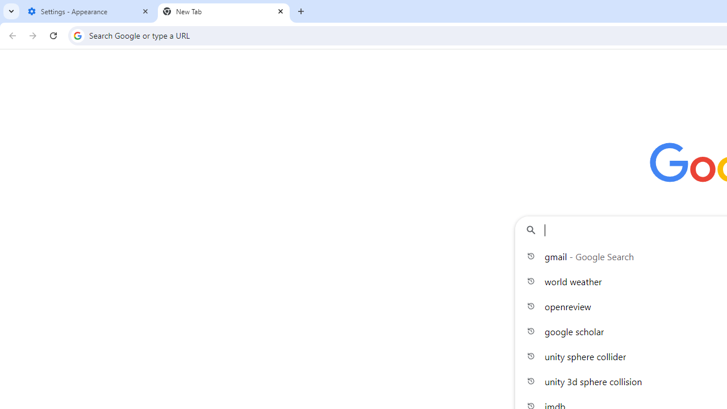 The width and height of the screenshot is (727, 409). I want to click on 'New Tab', so click(224, 11).